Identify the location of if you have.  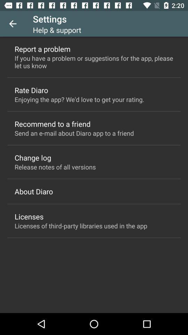
(94, 61).